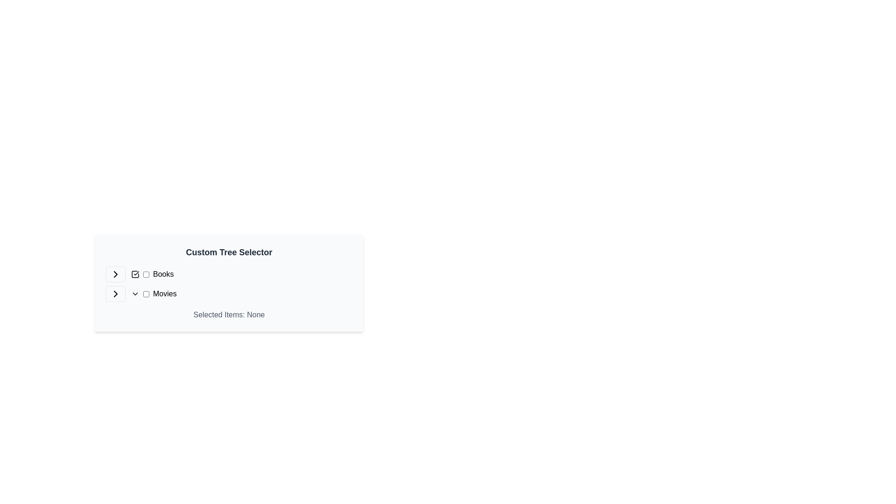  Describe the element at coordinates (229, 315) in the screenshot. I see `the Text Label that displays the current state of the selected items in the tree selector, located beneath the 'Movies' section` at that location.